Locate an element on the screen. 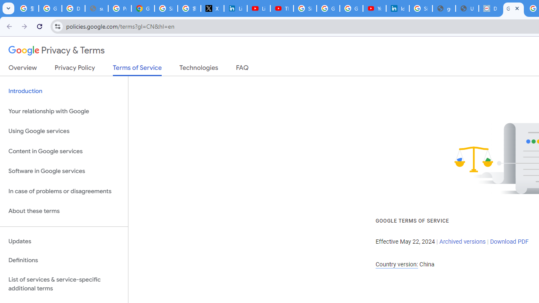 The image size is (539, 303). 'Privacy Help Center - Policies Help' is located at coordinates (119, 8).